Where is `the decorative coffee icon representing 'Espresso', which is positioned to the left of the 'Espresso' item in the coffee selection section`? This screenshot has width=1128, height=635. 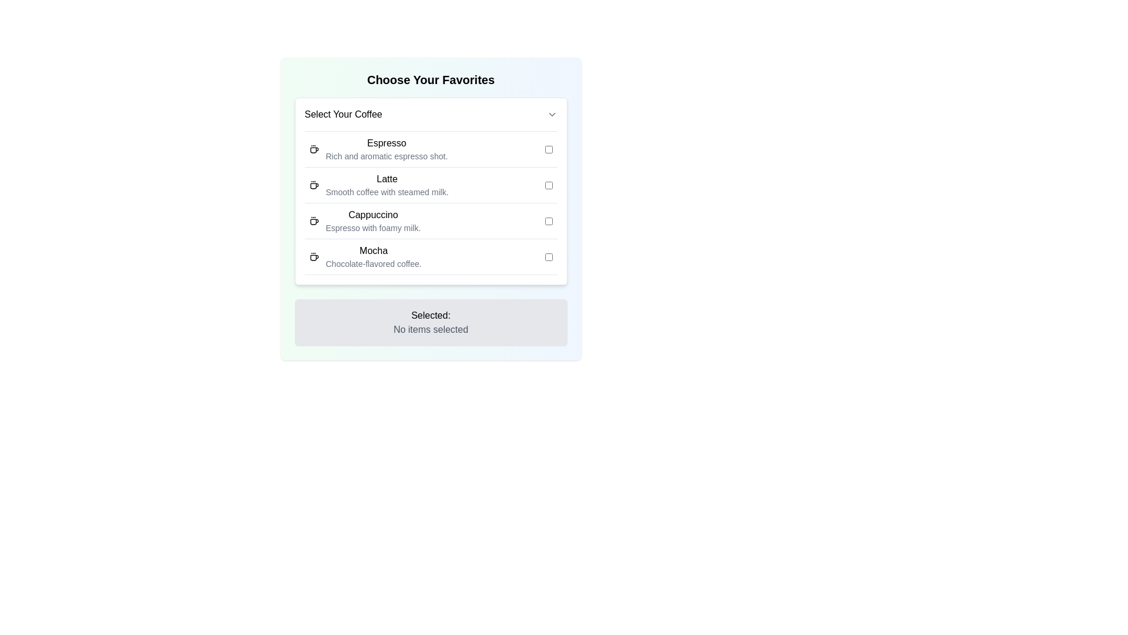
the decorative coffee icon representing 'Espresso', which is positioned to the left of the 'Espresso' item in the coffee selection section is located at coordinates (314, 149).